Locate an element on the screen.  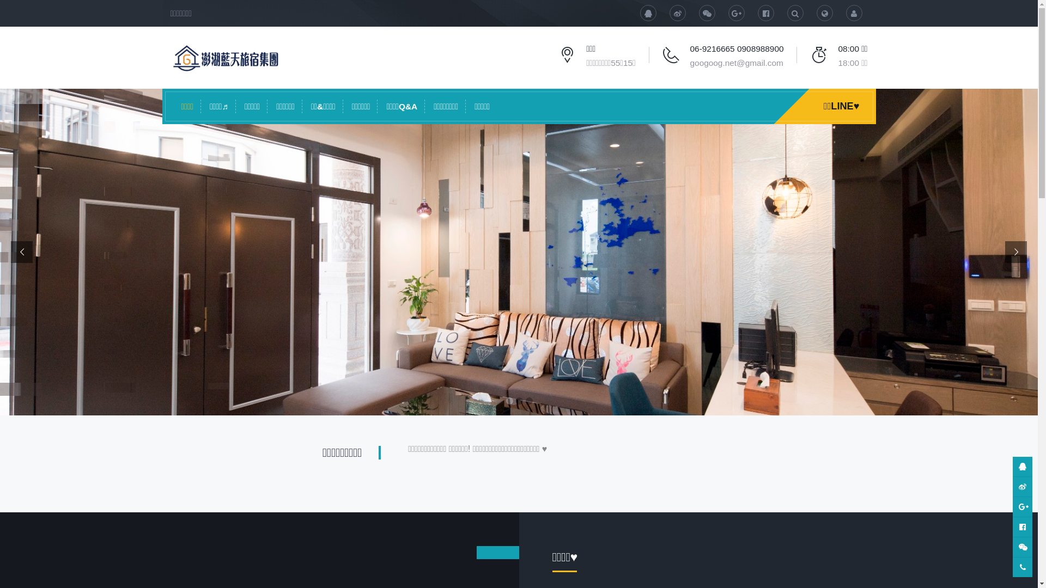
'Toggle Search' is located at coordinates (795, 13).